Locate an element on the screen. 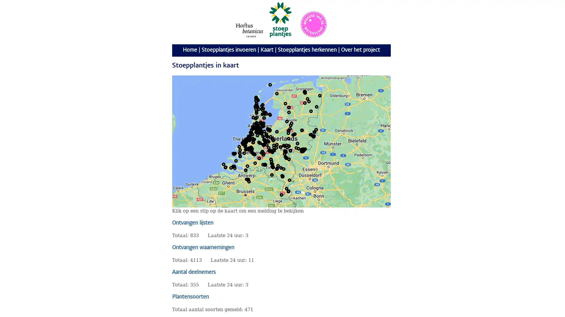 This screenshot has height=317, width=565. Telling van Maranne op 06 juni 2022 is located at coordinates (288, 145).